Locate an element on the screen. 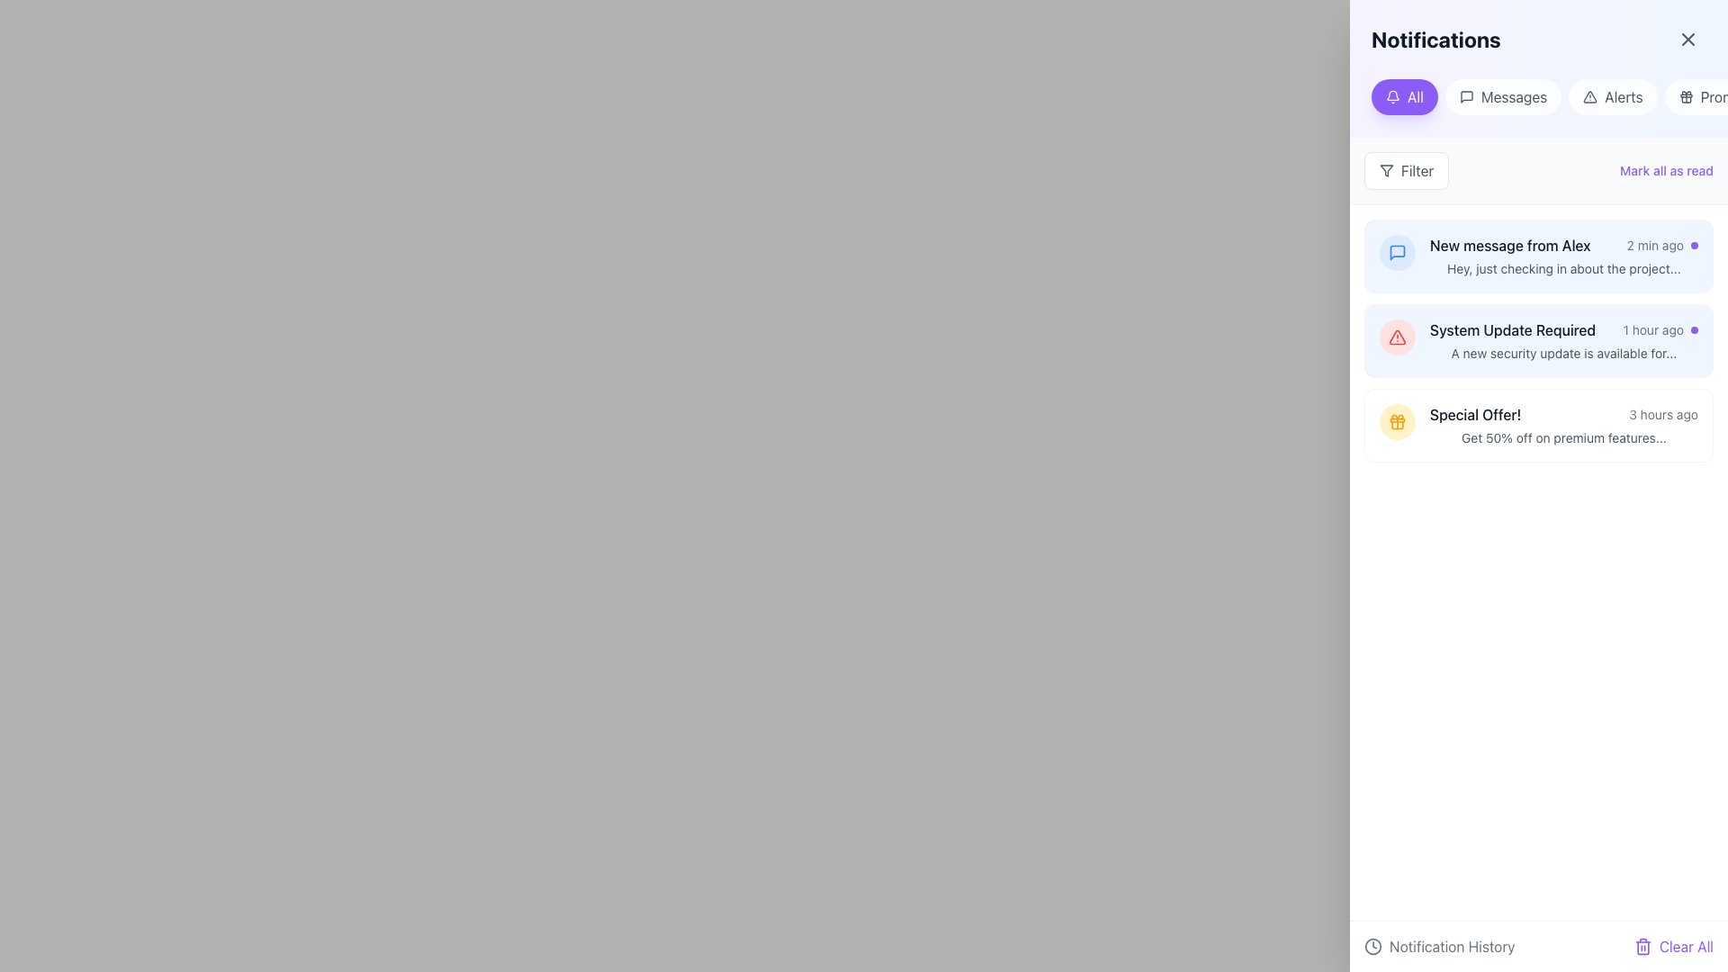 Image resolution: width=1728 pixels, height=972 pixels. the pin icon located in the notification card next to 'New message from Alex' is located at coordinates (1647, 256).